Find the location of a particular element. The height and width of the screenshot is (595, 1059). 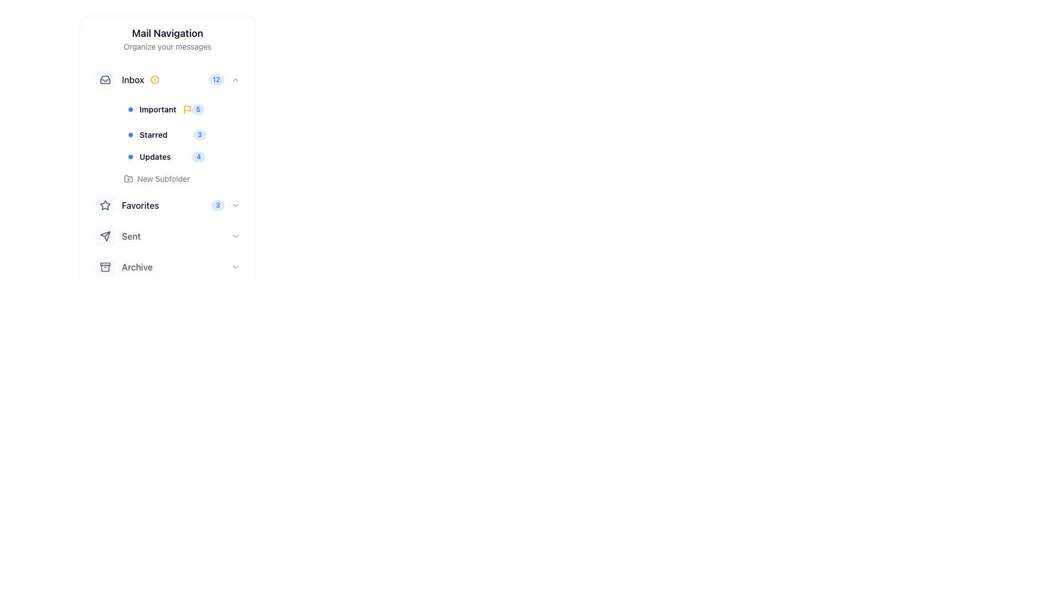

the 'Important' flagged email folder in the 'Mail Navigation' sidebar is located at coordinates (180, 110).